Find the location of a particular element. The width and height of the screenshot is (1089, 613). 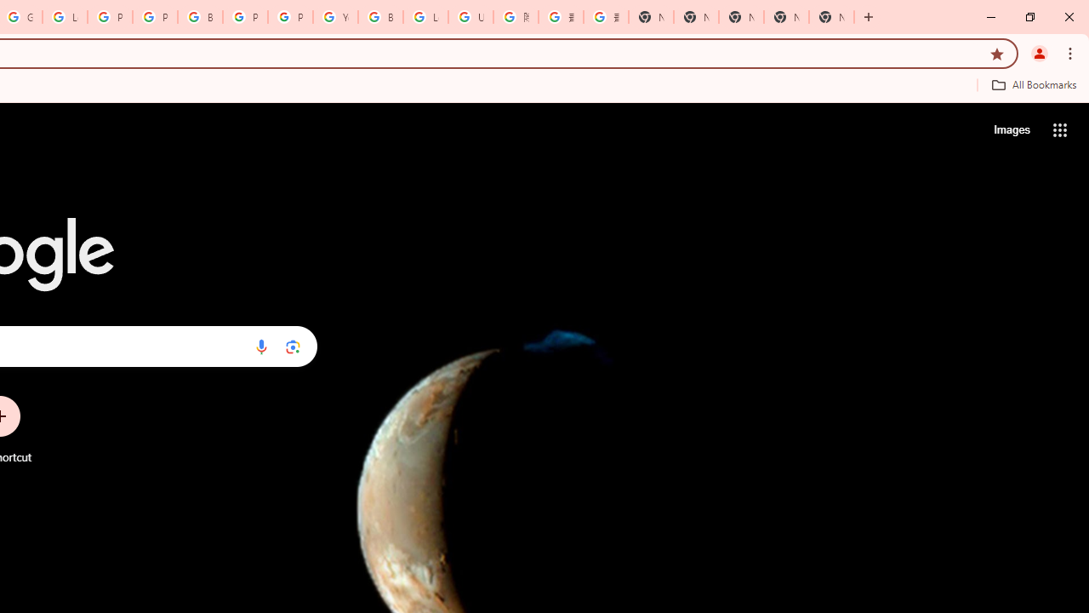

'Search by voice' is located at coordinates (260, 346).